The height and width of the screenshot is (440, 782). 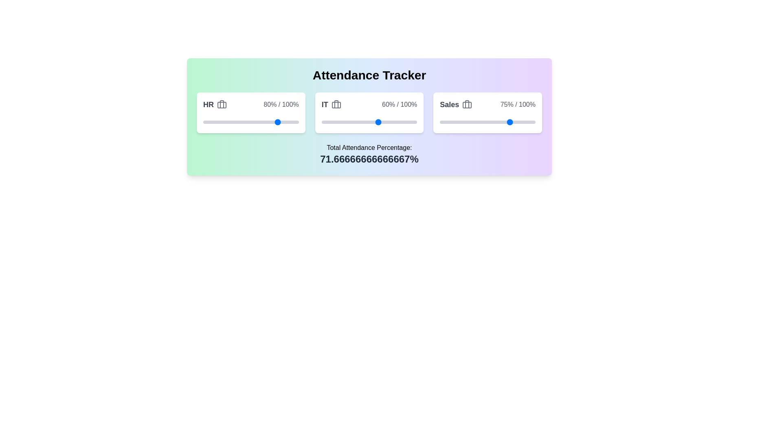 What do you see at coordinates (340, 122) in the screenshot?
I see `the slider value` at bounding box center [340, 122].